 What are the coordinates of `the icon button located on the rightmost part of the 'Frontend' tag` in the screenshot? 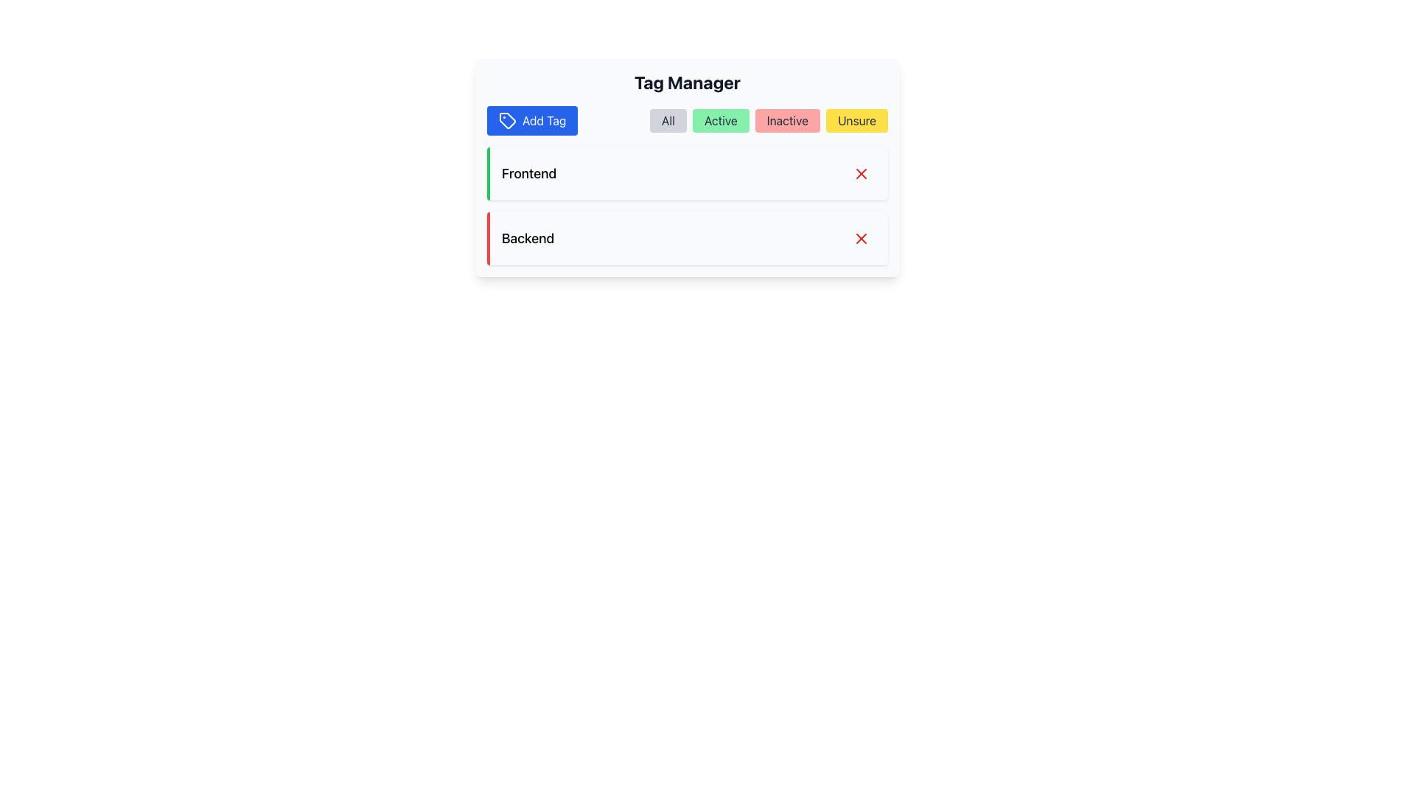 It's located at (862, 172).